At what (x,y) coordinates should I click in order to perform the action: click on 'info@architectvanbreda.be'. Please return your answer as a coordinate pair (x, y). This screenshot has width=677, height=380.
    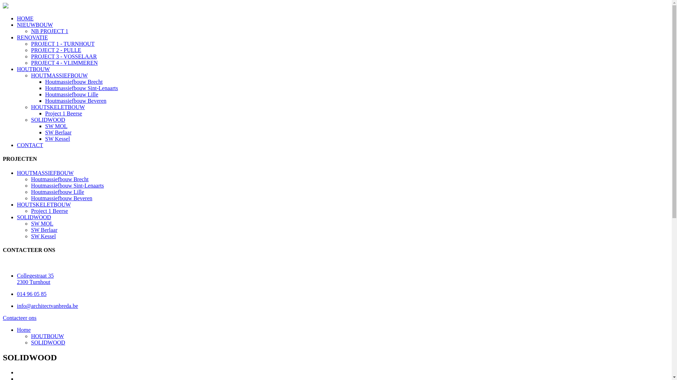
    Looking at the image, I should click on (17, 305).